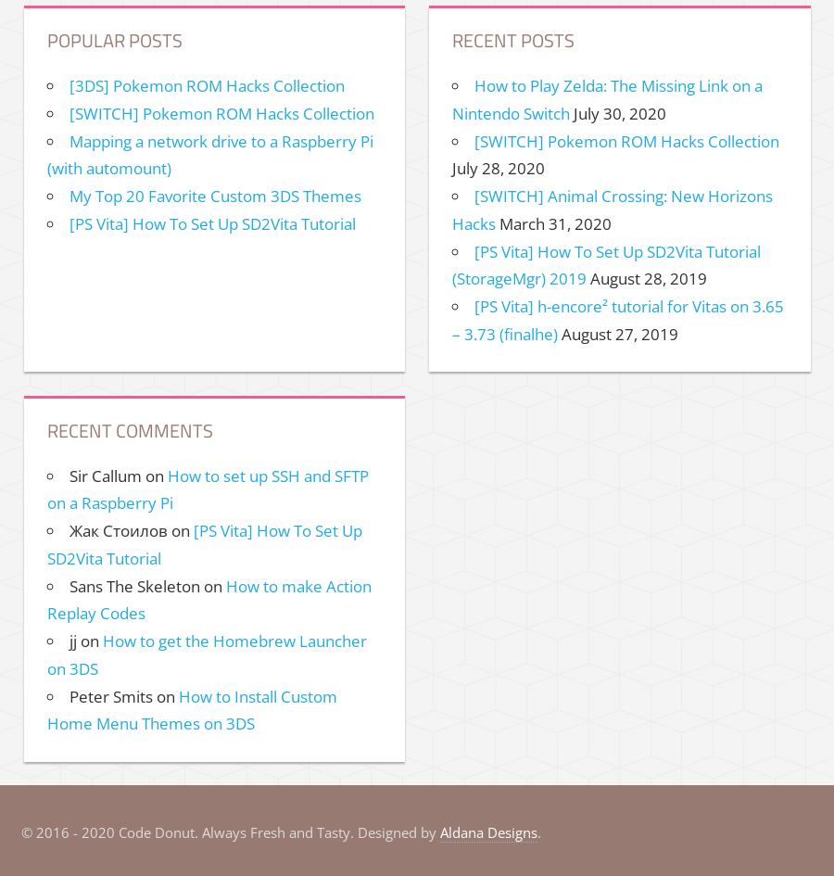  I want to click on 'August 28, 2019', so click(648, 278).